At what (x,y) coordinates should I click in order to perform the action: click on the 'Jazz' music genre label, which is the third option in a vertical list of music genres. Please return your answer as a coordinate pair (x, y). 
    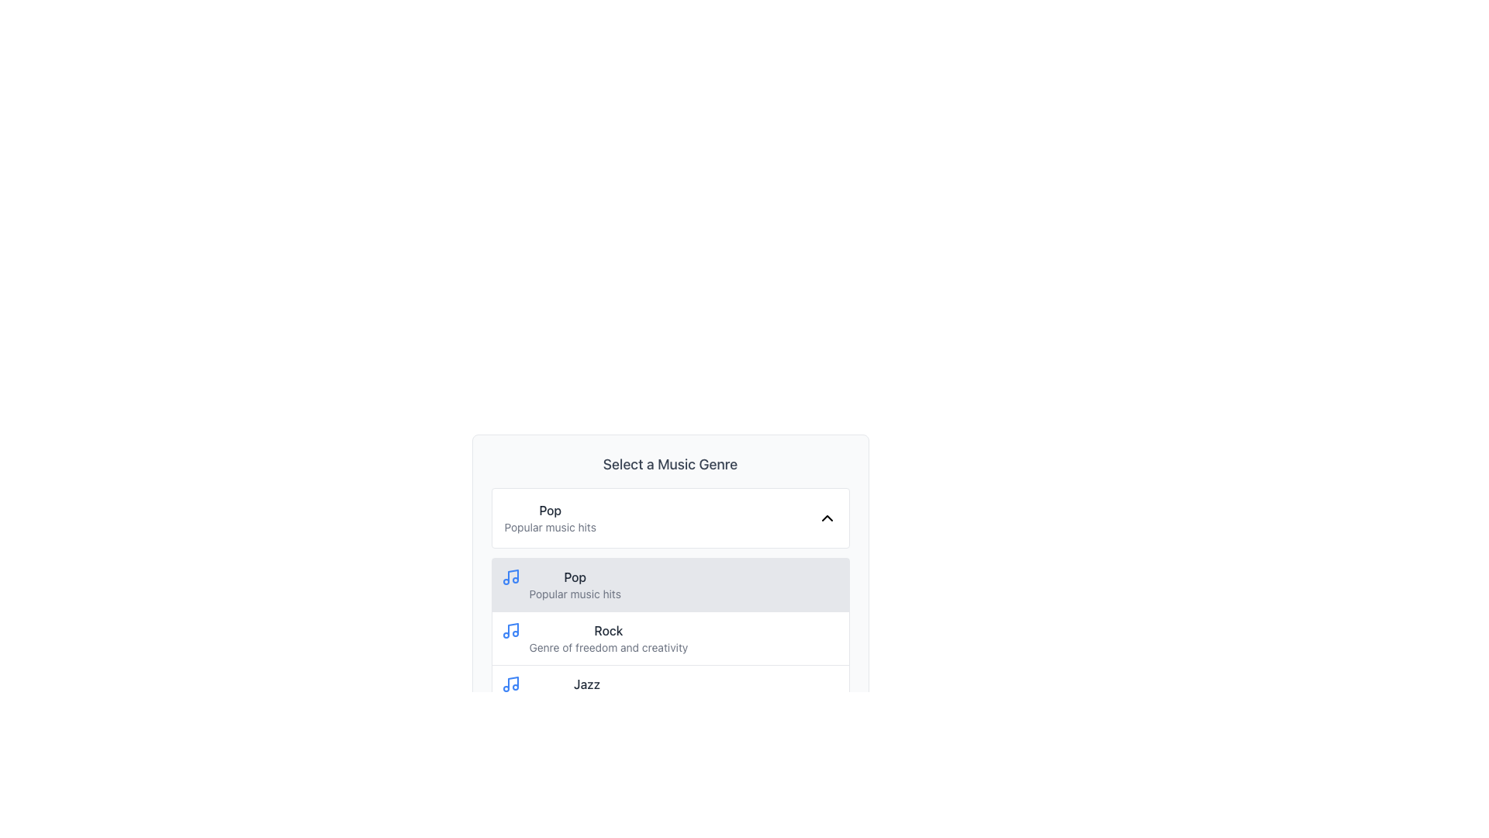
    Looking at the image, I should click on (586, 684).